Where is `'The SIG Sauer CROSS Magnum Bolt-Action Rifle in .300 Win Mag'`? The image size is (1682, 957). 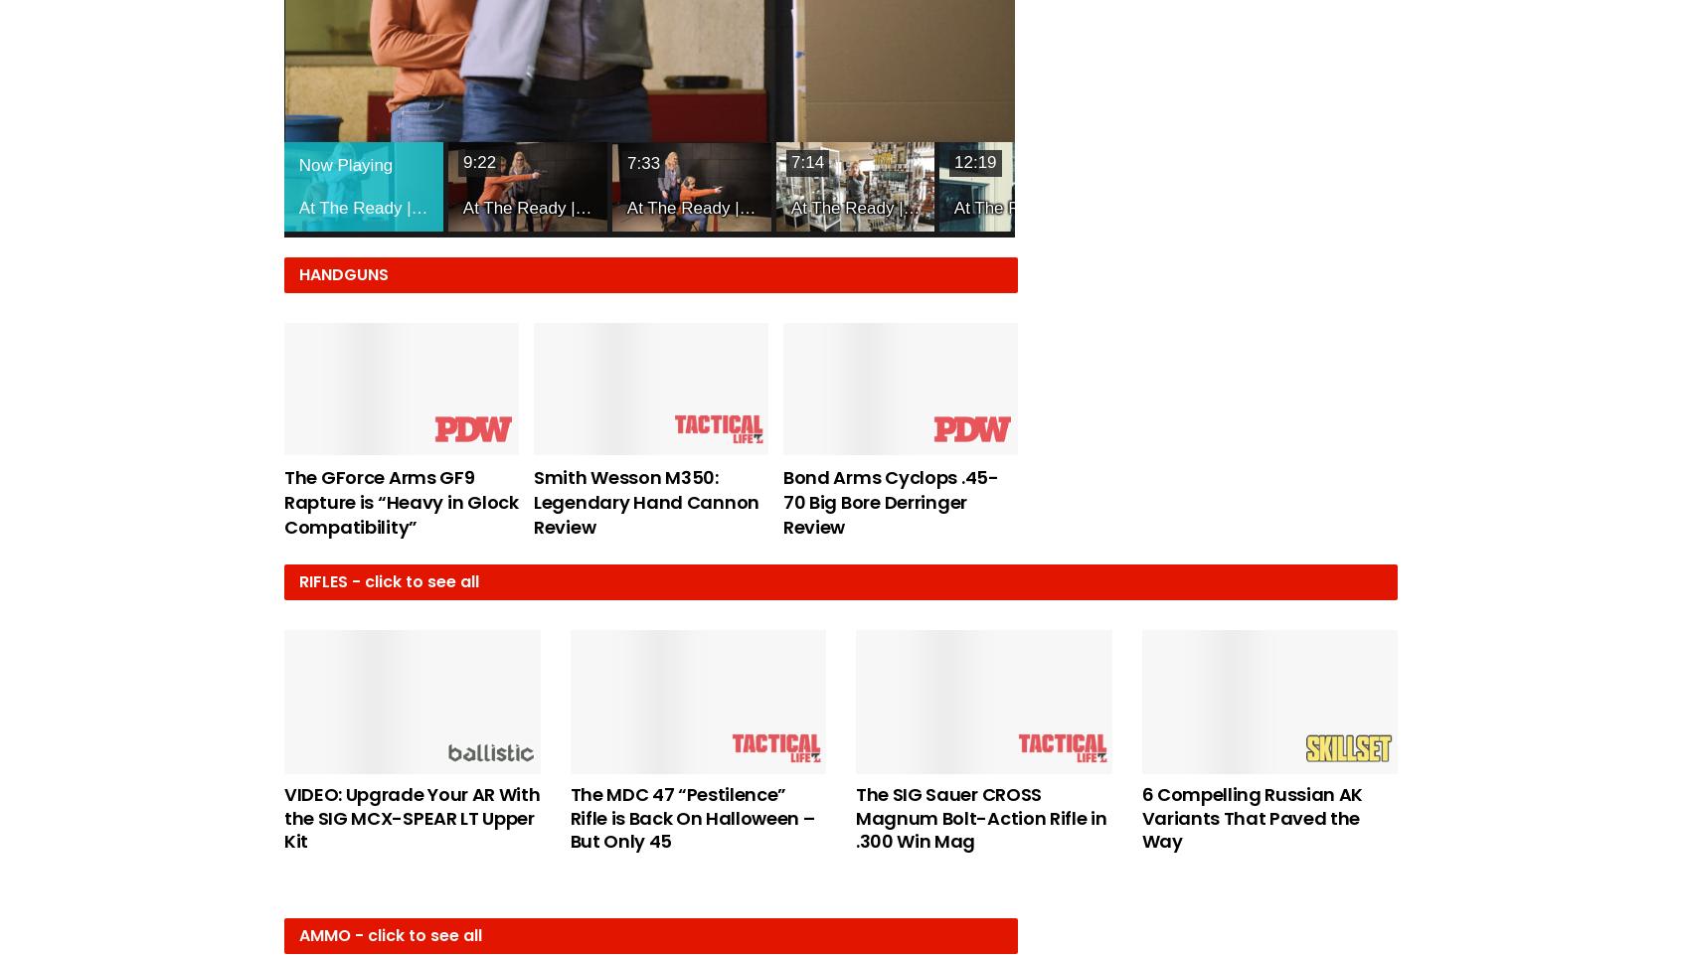 'The SIG Sauer CROSS Magnum Bolt-Action Rifle in .300 Win Mag' is located at coordinates (980, 816).